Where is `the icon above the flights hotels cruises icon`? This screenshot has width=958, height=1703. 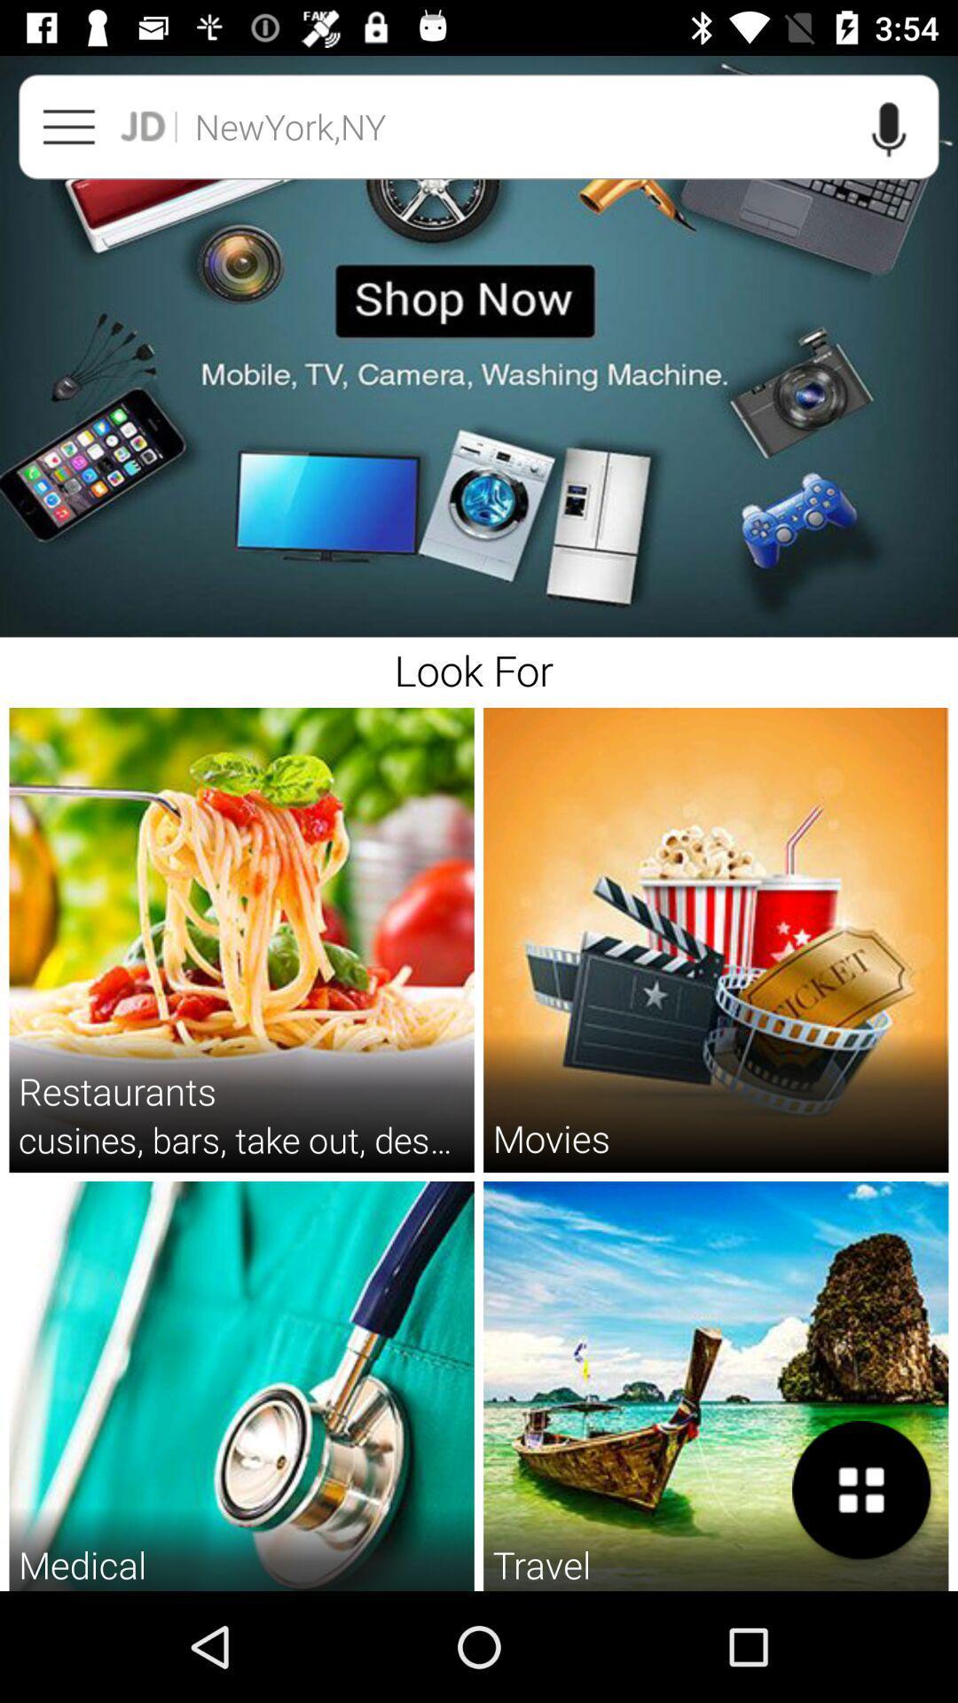
the icon above the flights hotels cruises icon is located at coordinates (861, 1490).